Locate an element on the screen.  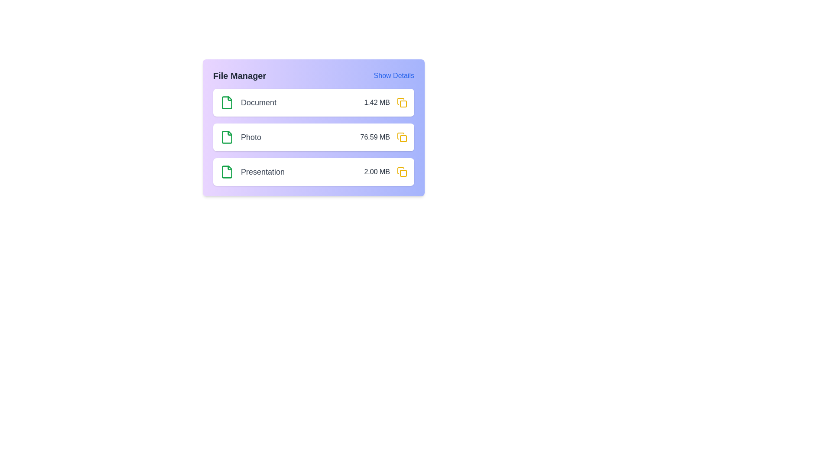
the text label reading 'Presentation', styled in medium-sized gray font, located in the File Manager pane, positioned to the right of a green folder icon is located at coordinates (262, 172).